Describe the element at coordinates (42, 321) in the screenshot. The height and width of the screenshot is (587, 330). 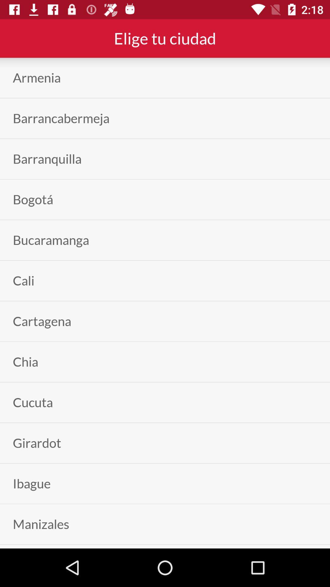
I see `the icon below cali` at that location.